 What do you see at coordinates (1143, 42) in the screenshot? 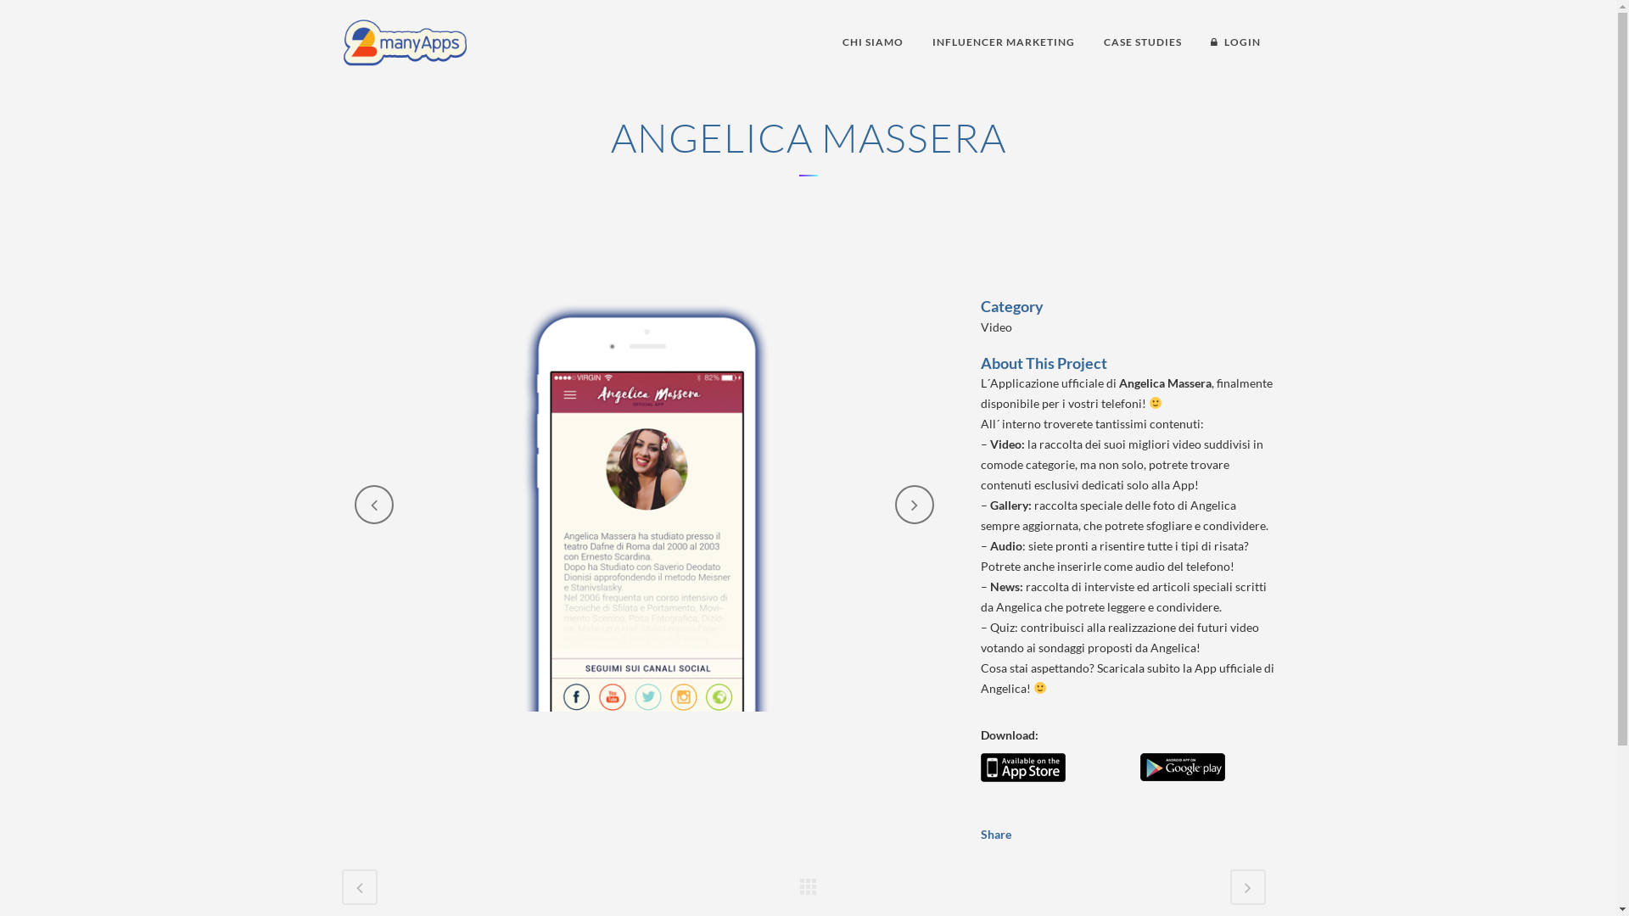
I see `'CASE STUDIES'` at bounding box center [1143, 42].